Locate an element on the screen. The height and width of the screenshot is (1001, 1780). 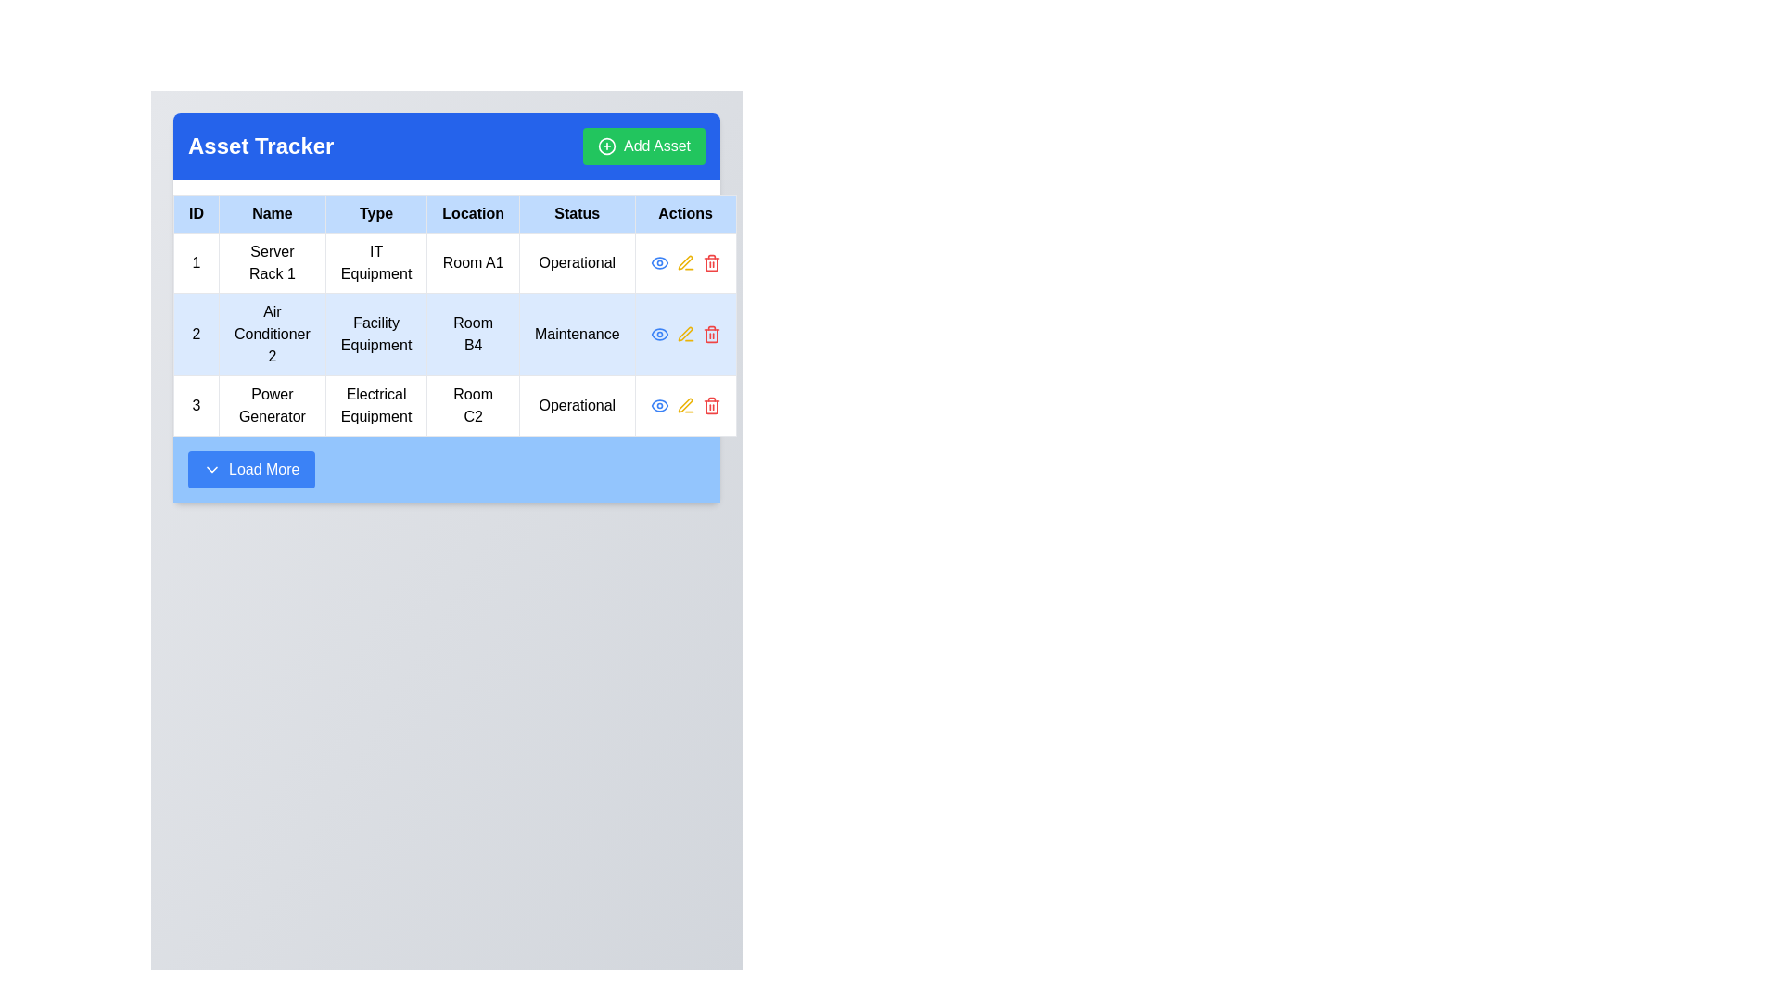
text displayed in the static text field labeled 'Facility Equipment' located in the third column of the second row of the data table is located at coordinates (375, 335).